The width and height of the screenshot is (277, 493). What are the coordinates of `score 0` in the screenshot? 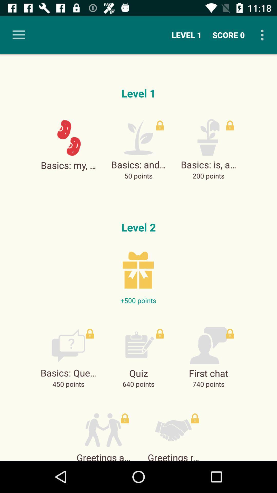 It's located at (228, 35).